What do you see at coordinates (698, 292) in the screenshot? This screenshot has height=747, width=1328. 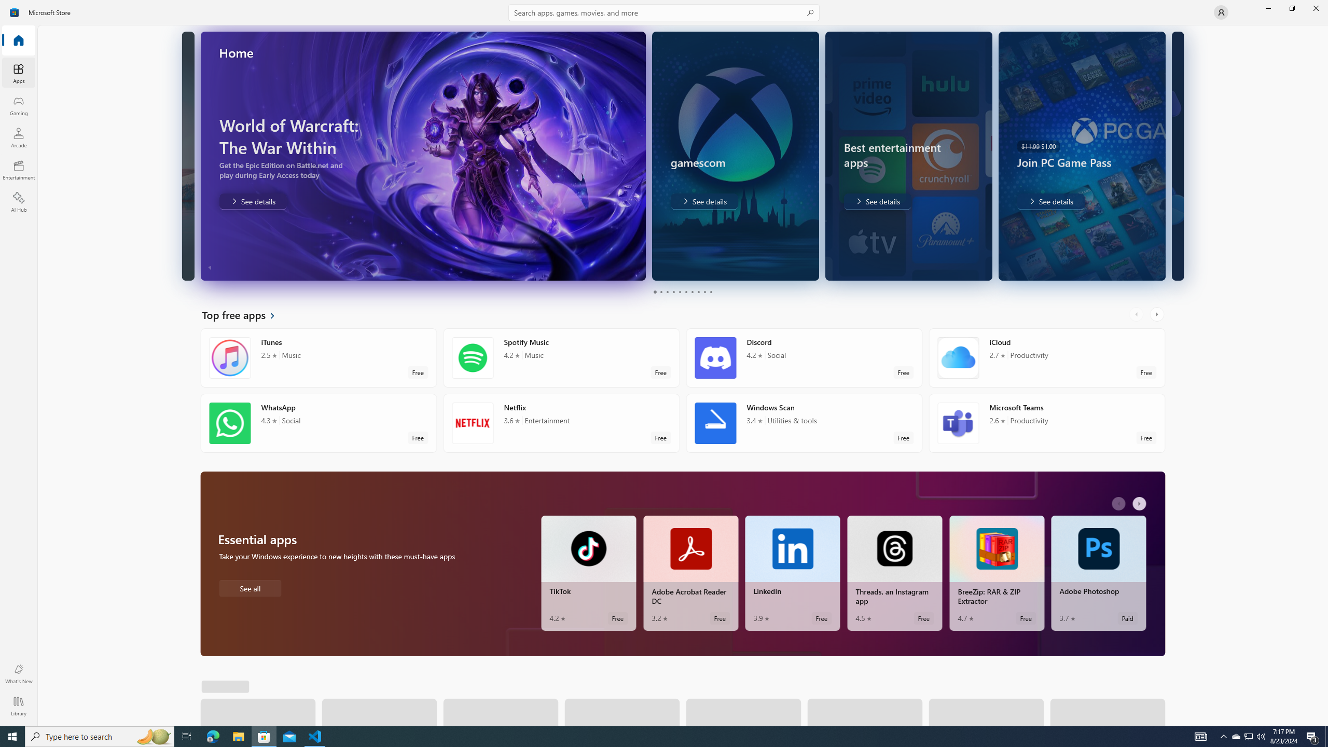 I see `'Page 8'` at bounding box center [698, 292].